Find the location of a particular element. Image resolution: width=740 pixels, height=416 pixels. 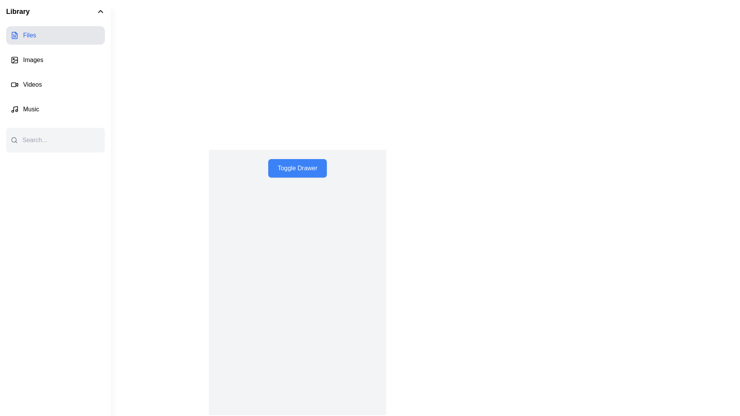

the 'Files' icon located in the top-left section of the interface is located at coordinates (15, 35).